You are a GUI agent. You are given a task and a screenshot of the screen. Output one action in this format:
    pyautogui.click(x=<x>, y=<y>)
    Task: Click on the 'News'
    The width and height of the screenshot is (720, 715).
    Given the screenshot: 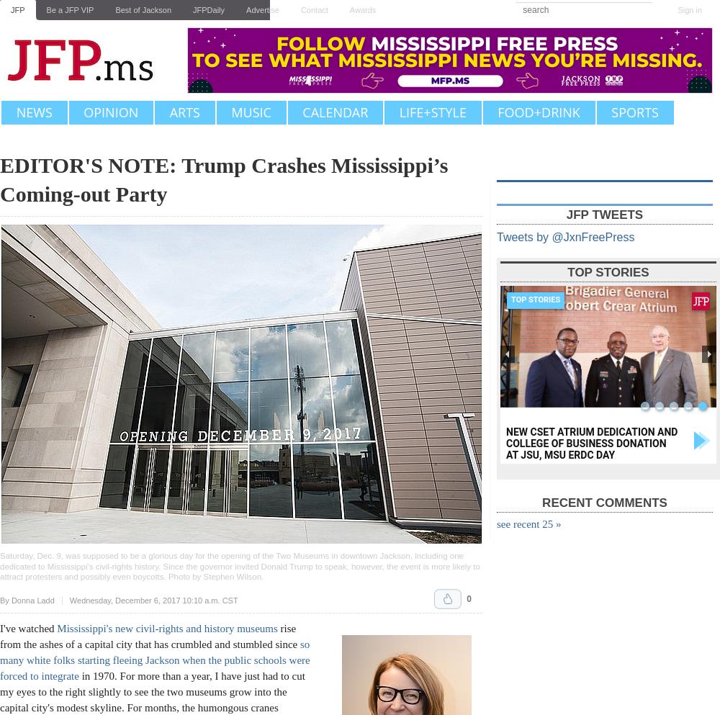 What is the action you would take?
    pyautogui.click(x=34, y=112)
    